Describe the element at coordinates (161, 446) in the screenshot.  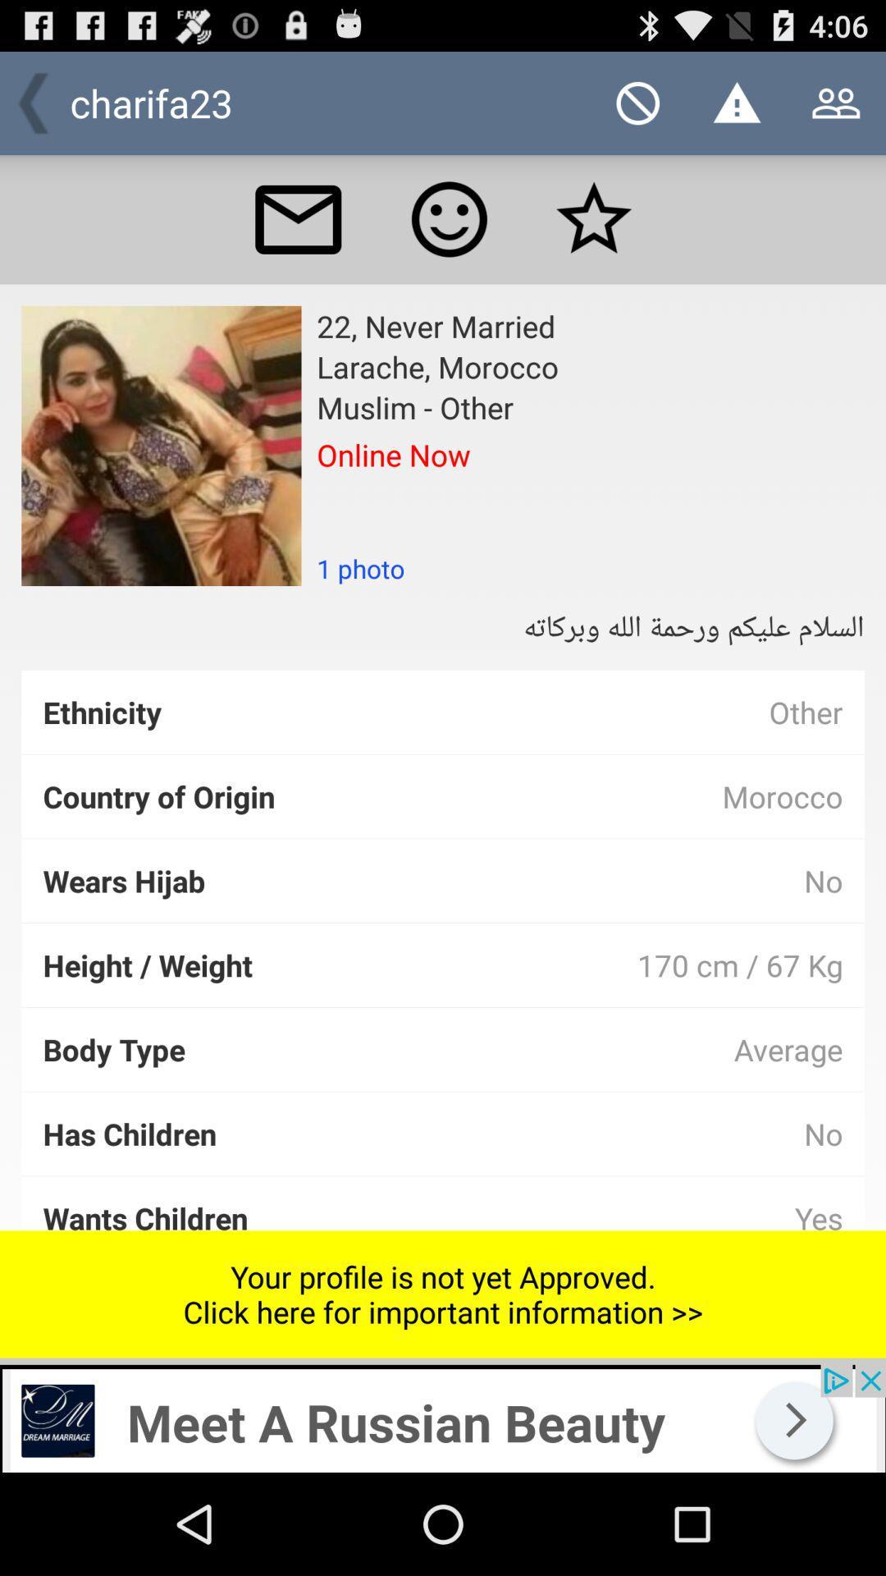
I see `profile image` at that location.